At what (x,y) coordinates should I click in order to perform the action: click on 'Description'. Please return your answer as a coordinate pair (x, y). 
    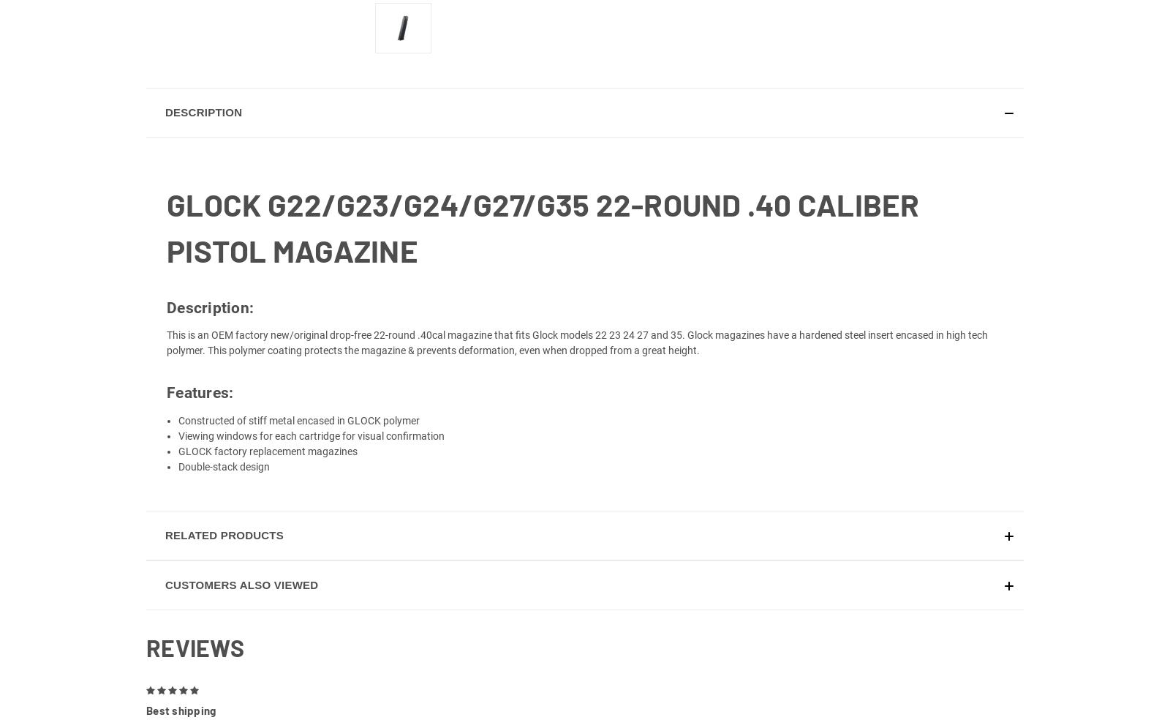
    Looking at the image, I should click on (203, 129).